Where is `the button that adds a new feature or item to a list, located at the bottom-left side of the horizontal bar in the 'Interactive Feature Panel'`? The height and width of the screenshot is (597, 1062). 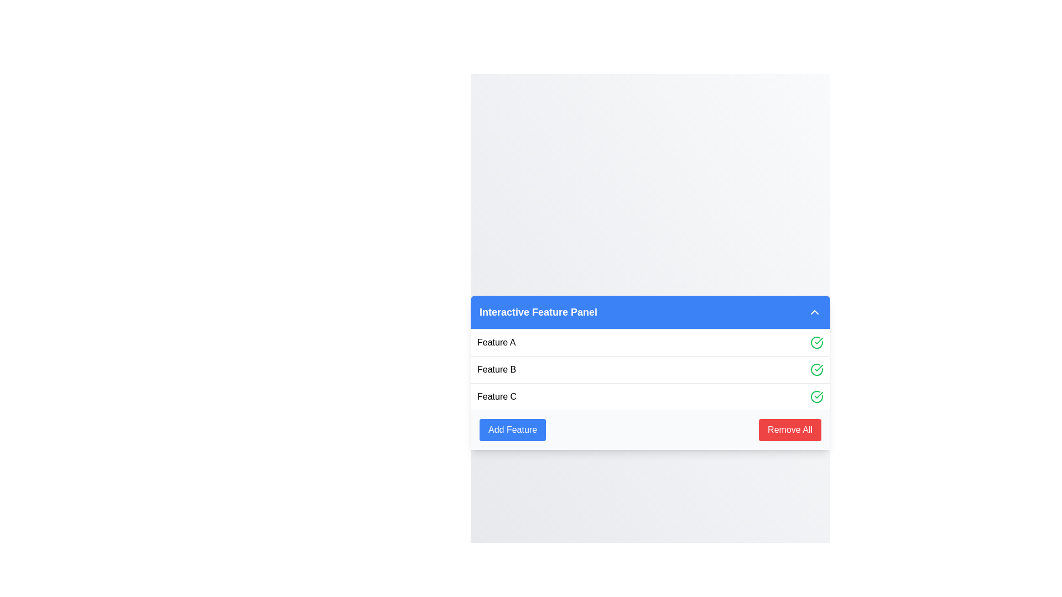
the button that adds a new feature or item to a list, located at the bottom-left side of the horizontal bar in the 'Interactive Feature Panel' is located at coordinates (512, 429).